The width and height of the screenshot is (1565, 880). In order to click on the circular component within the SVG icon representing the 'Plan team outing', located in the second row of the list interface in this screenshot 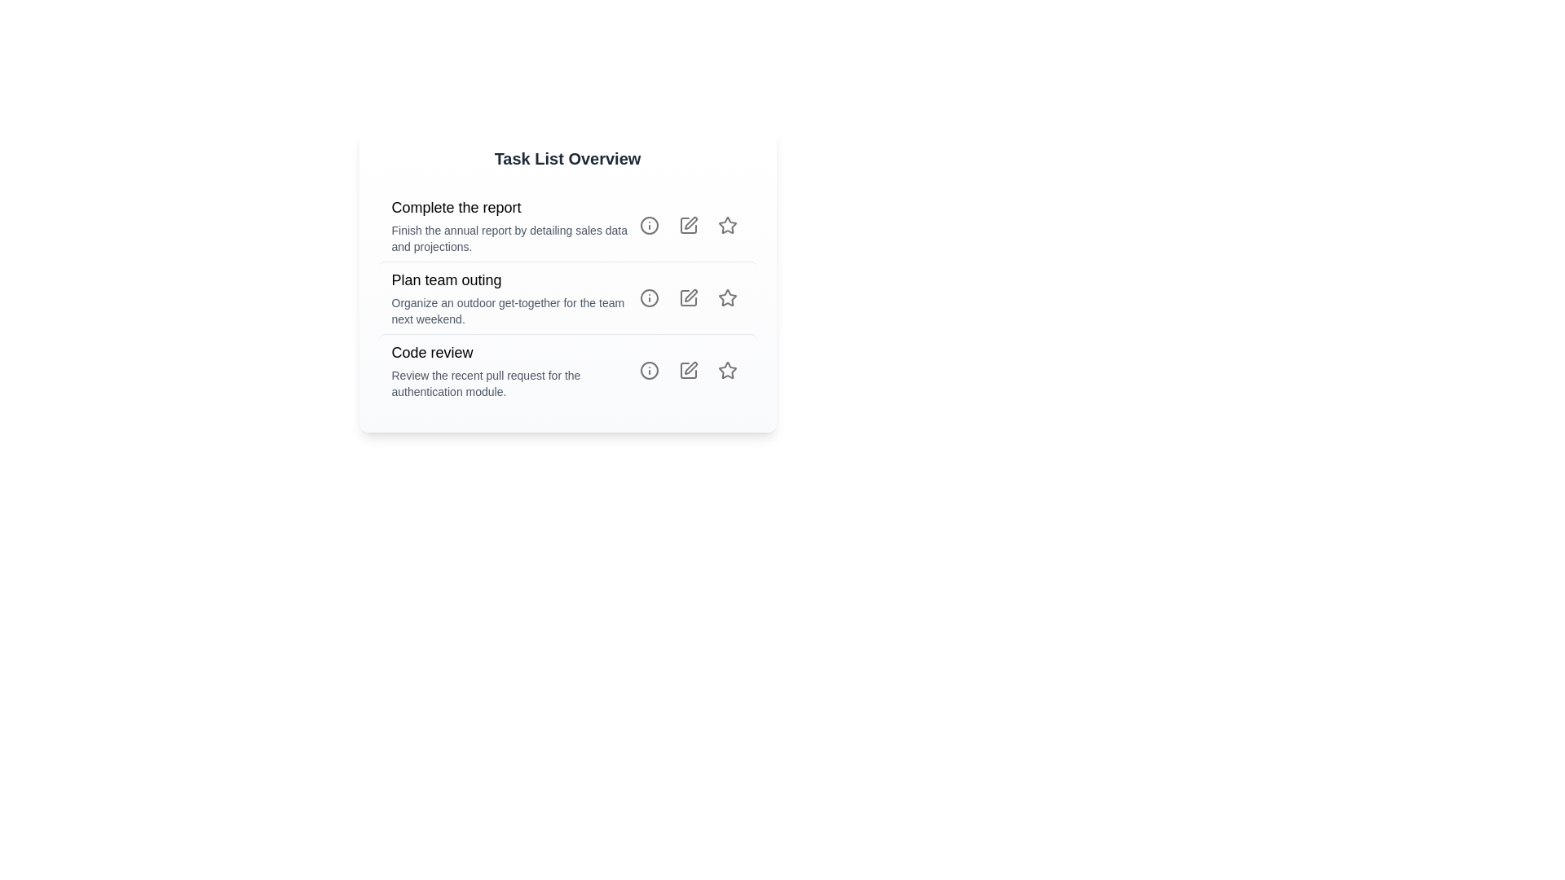, I will do `click(648, 298)`.